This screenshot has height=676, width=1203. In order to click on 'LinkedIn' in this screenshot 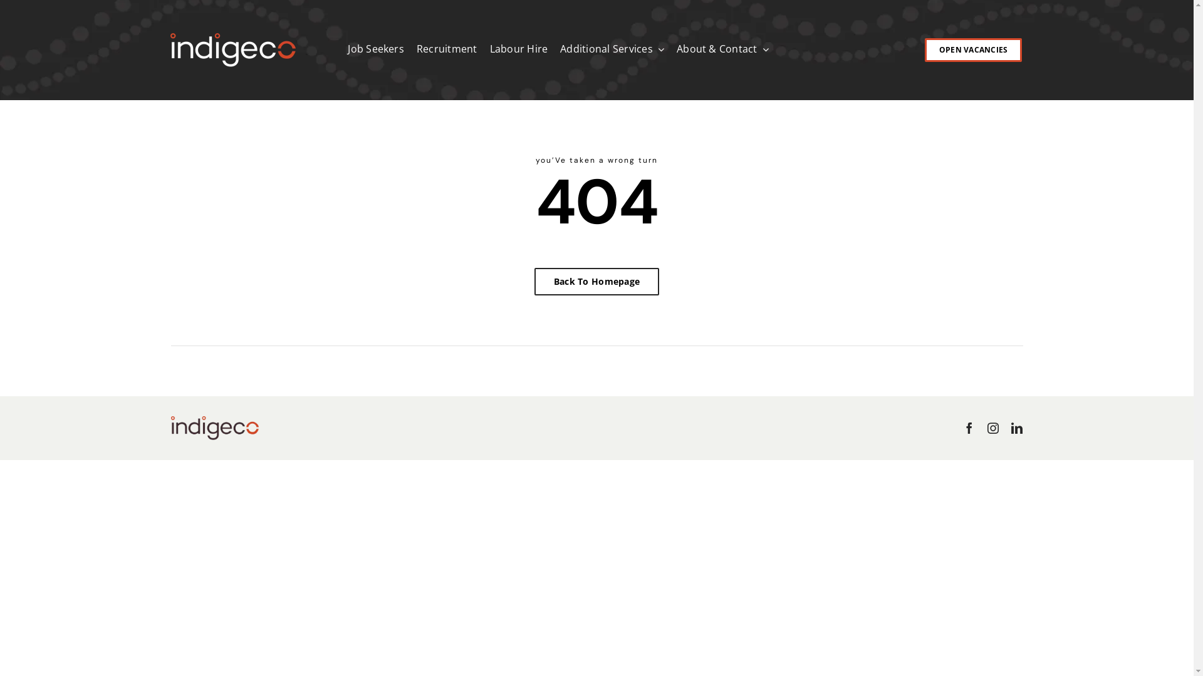, I will do `click(1016, 427)`.